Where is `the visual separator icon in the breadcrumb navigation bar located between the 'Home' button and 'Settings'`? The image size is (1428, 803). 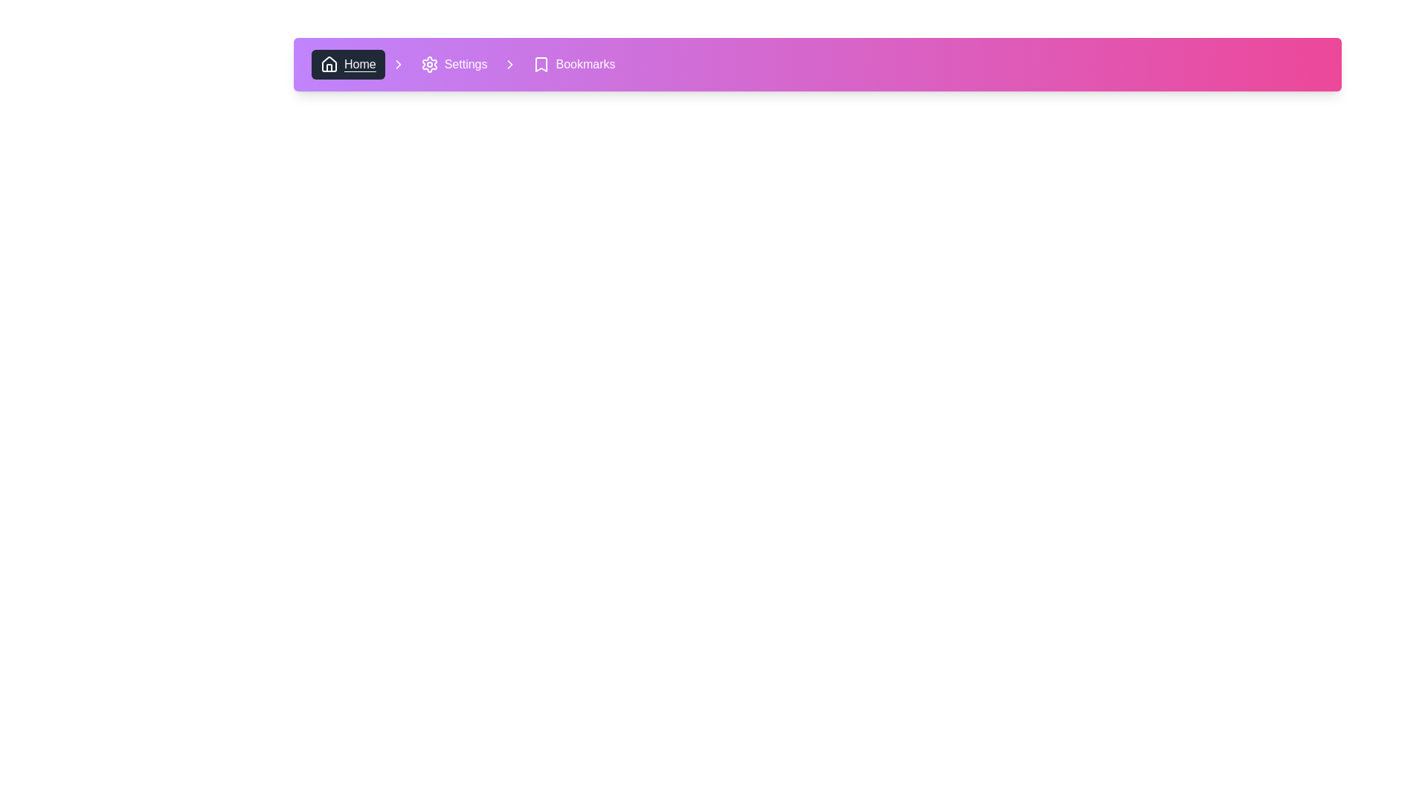
the visual separator icon in the breadcrumb navigation bar located between the 'Home' button and 'Settings' is located at coordinates (509, 64).